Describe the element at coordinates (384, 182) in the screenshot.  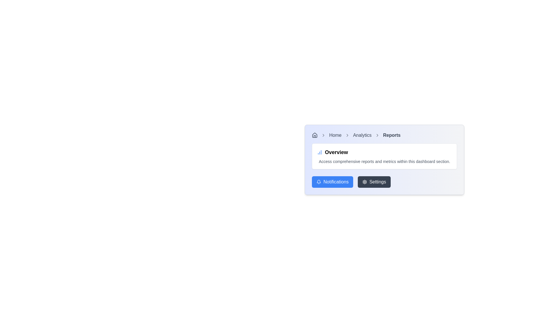
I see `the dark button labeled 'Settings' with a gear icon` at that location.